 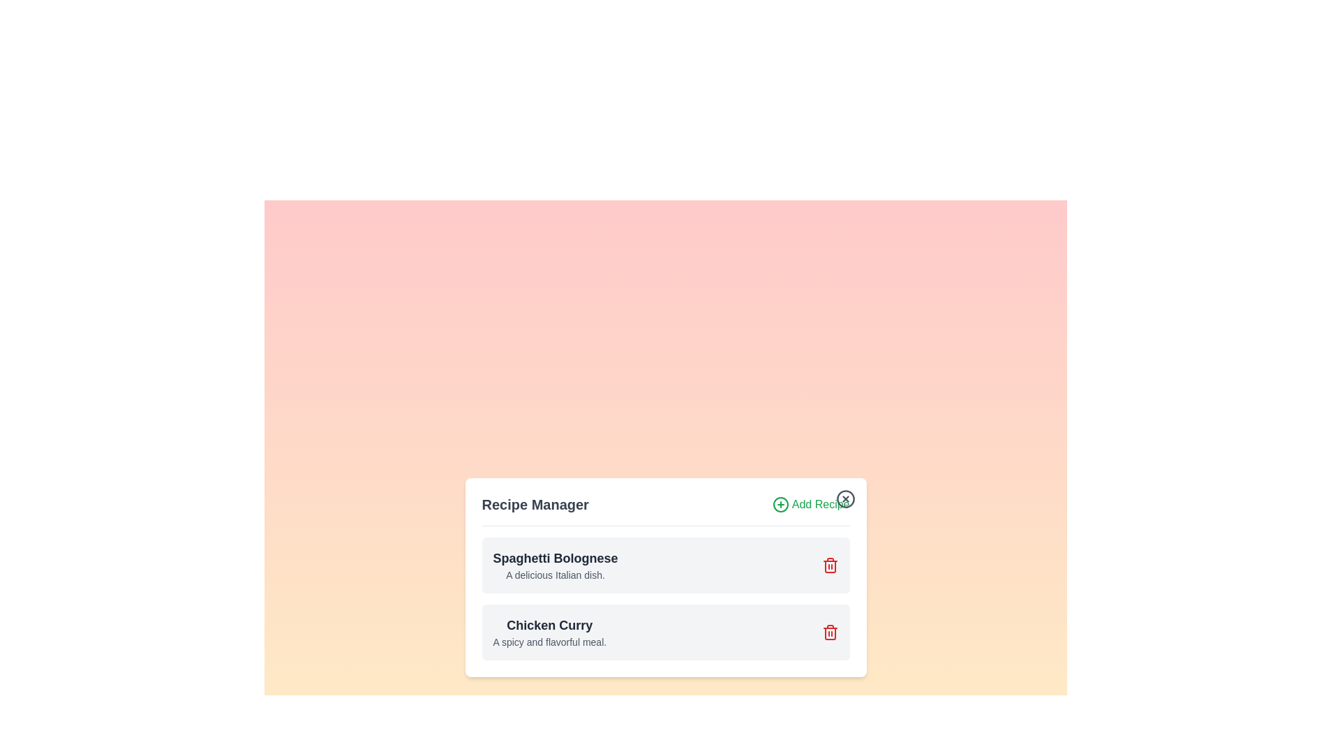 What do you see at coordinates (549, 642) in the screenshot?
I see `the text display element that provides additional information about the title 'Chicken Curry', located directly below the title within the card` at bounding box center [549, 642].